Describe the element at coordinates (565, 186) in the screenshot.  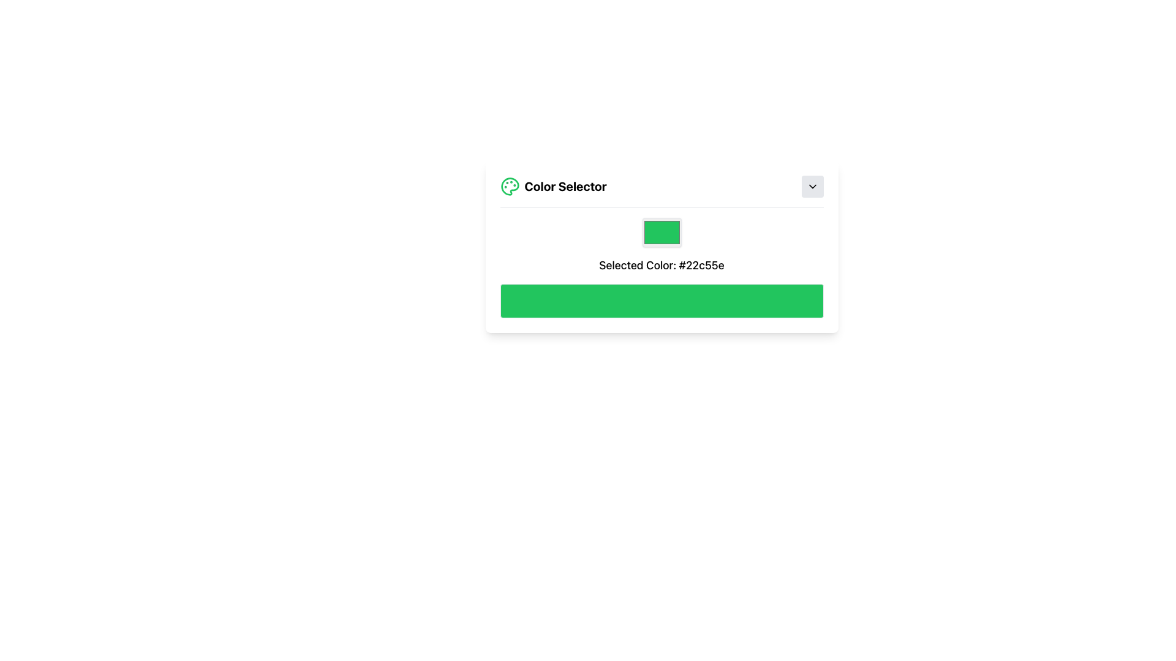
I see `the text label displaying 'Color Selector', which is styled with bold and large font and located above the color display grid` at that location.